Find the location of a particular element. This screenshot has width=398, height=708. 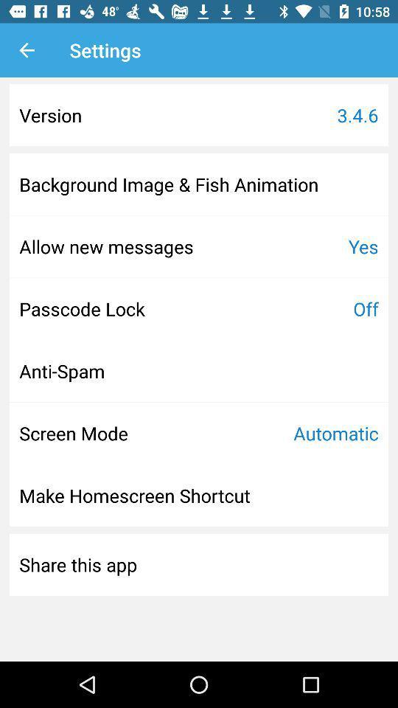

share this app is located at coordinates (78, 563).